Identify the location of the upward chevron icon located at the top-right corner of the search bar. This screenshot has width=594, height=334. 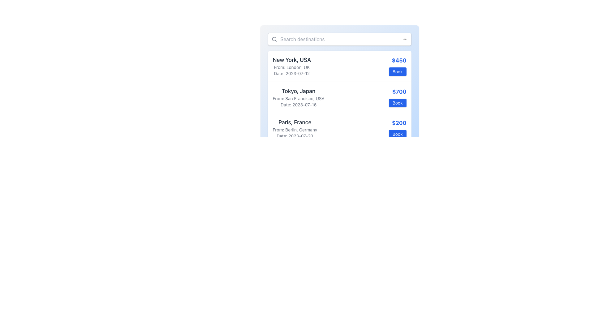
(405, 39).